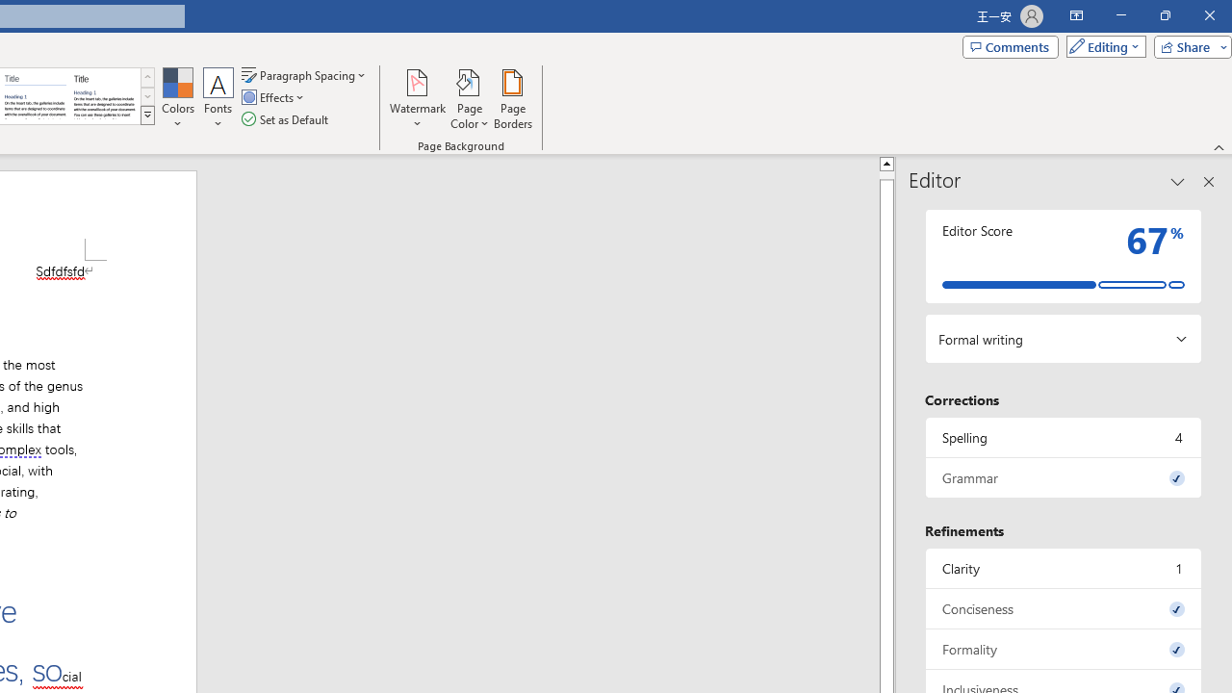  What do you see at coordinates (513, 99) in the screenshot?
I see `'Page Borders...'` at bounding box center [513, 99].